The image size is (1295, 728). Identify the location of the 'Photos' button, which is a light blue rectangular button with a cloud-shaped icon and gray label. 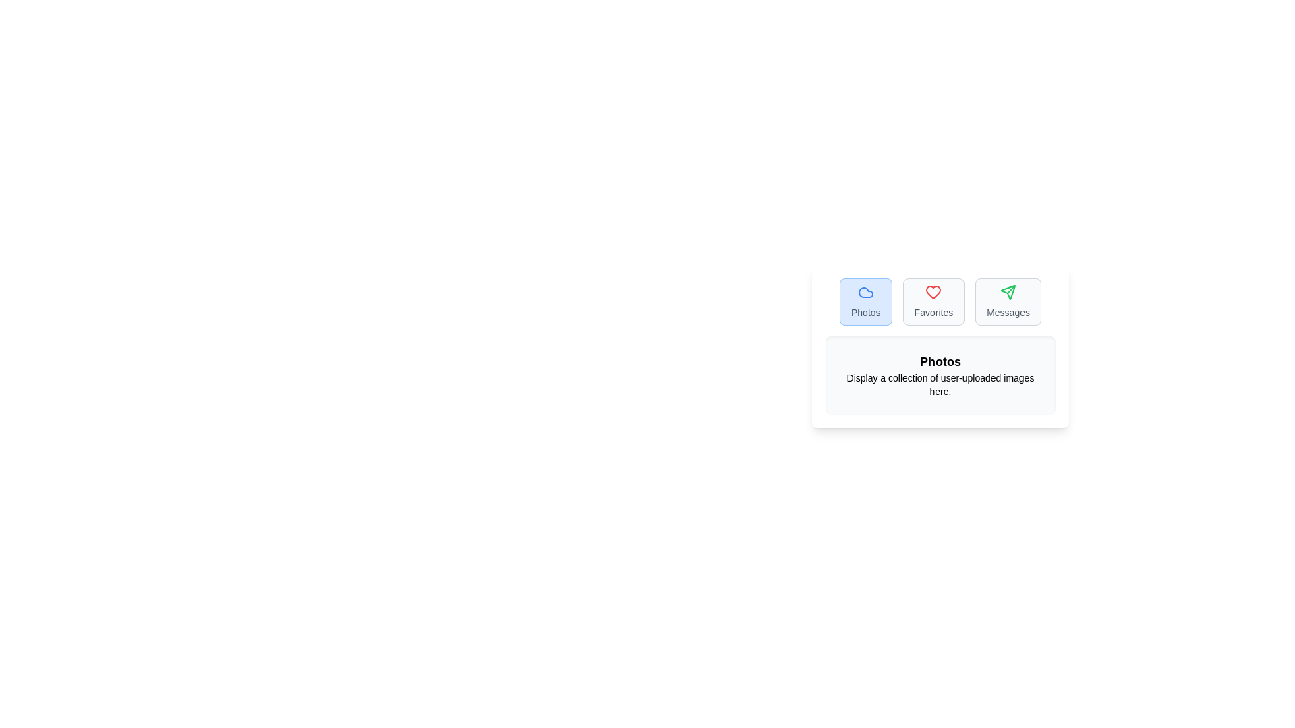
(865, 301).